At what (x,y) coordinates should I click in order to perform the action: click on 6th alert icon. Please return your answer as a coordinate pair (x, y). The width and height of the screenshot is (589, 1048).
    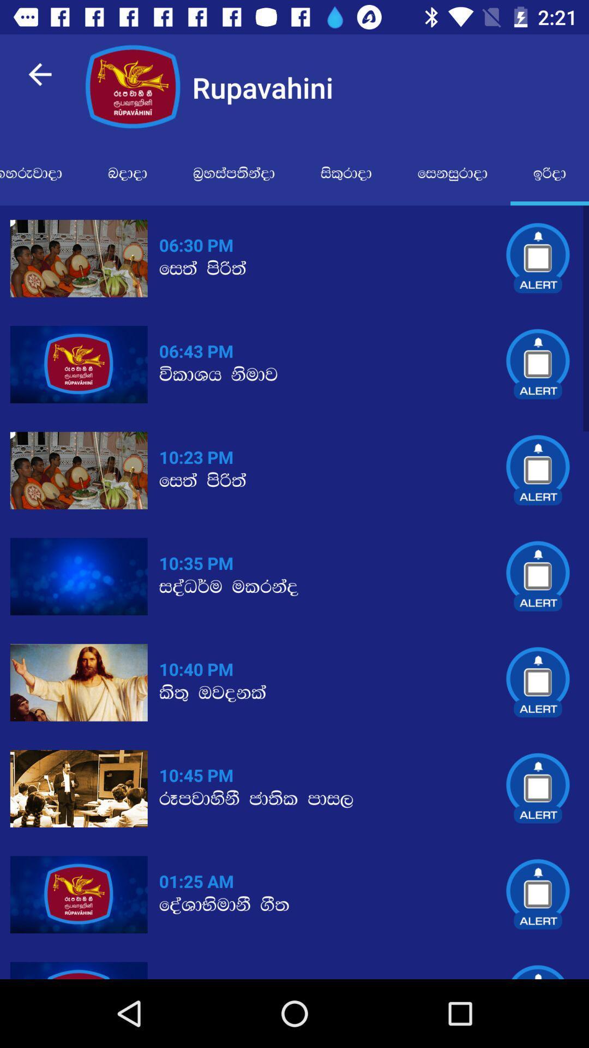
    Looking at the image, I should click on (538, 788).